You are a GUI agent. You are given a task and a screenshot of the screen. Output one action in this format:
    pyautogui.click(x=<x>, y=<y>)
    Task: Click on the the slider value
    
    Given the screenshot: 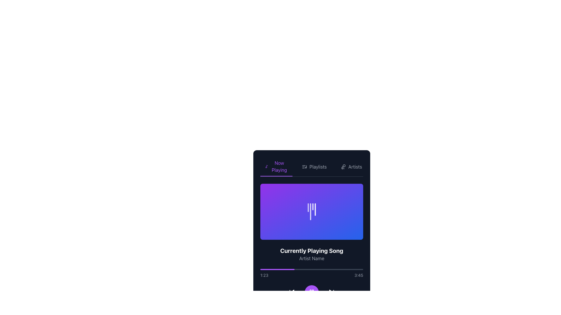 What is the action you would take?
    pyautogui.click(x=320, y=309)
    